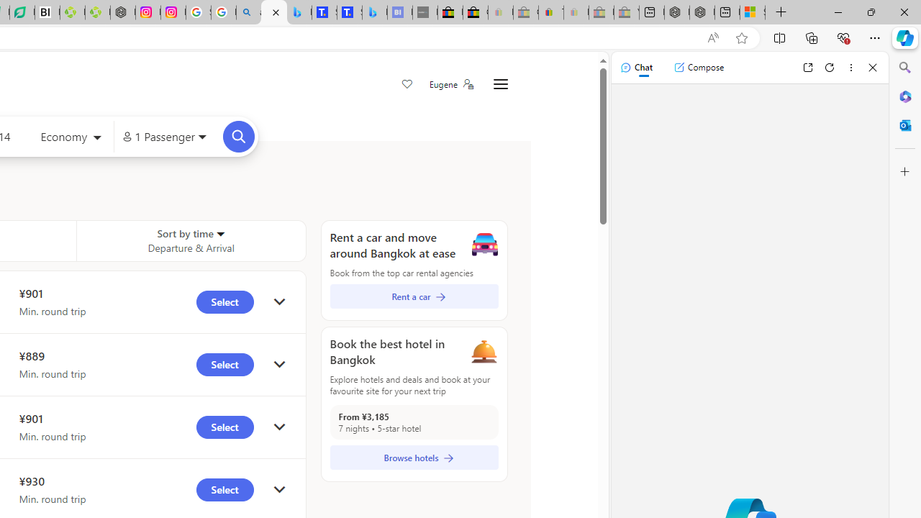 This screenshot has height=518, width=921. I want to click on 'Nordace - Summer Adventures 2024', so click(702, 12).